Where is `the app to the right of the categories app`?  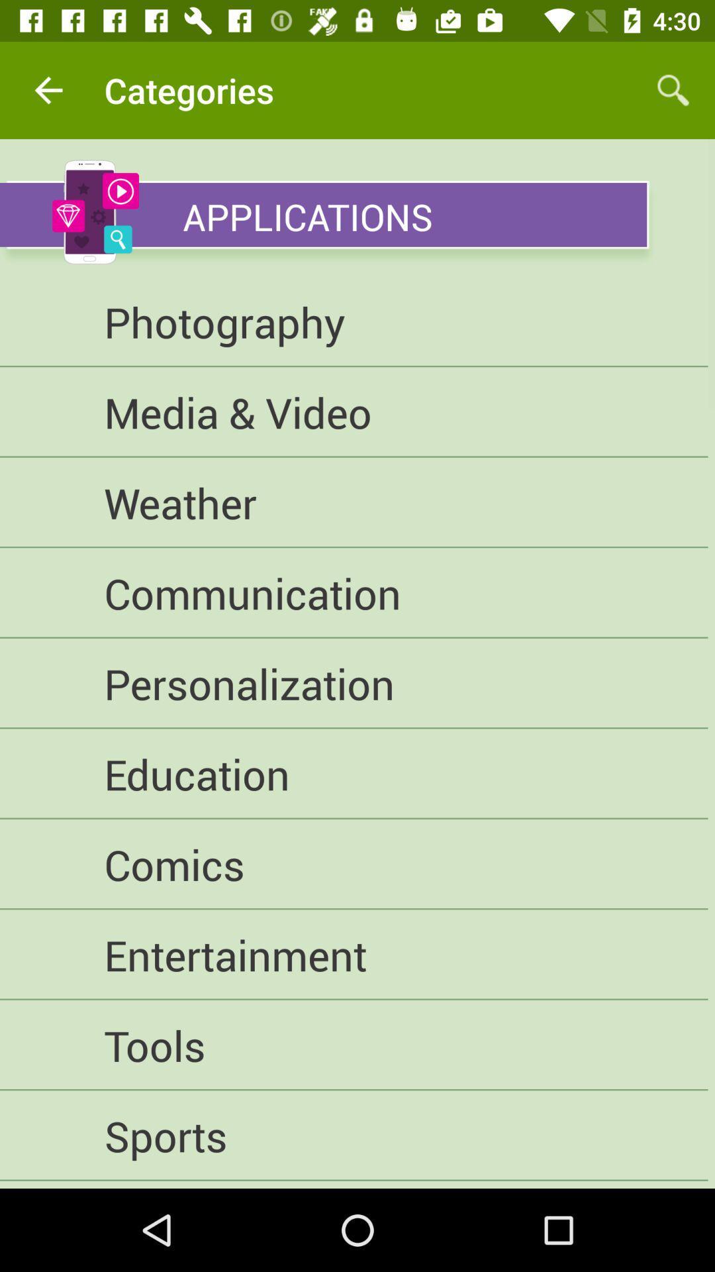
the app to the right of the categories app is located at coordinates (673, 89).